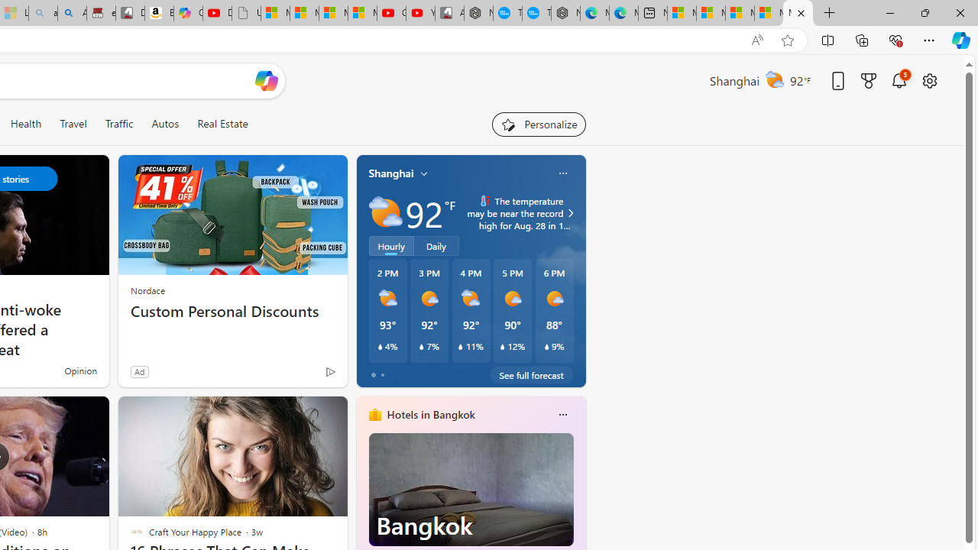 This screenshot has width=978, height=550. Describe the element at coordinates (424, 173) in the screenshot. I see `'My location'` at that location.